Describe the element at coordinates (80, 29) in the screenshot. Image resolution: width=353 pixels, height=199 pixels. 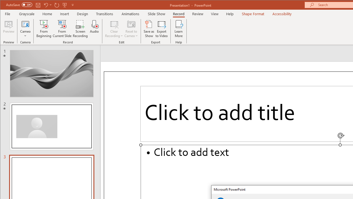
I see `'Screen Recording'` at that location.